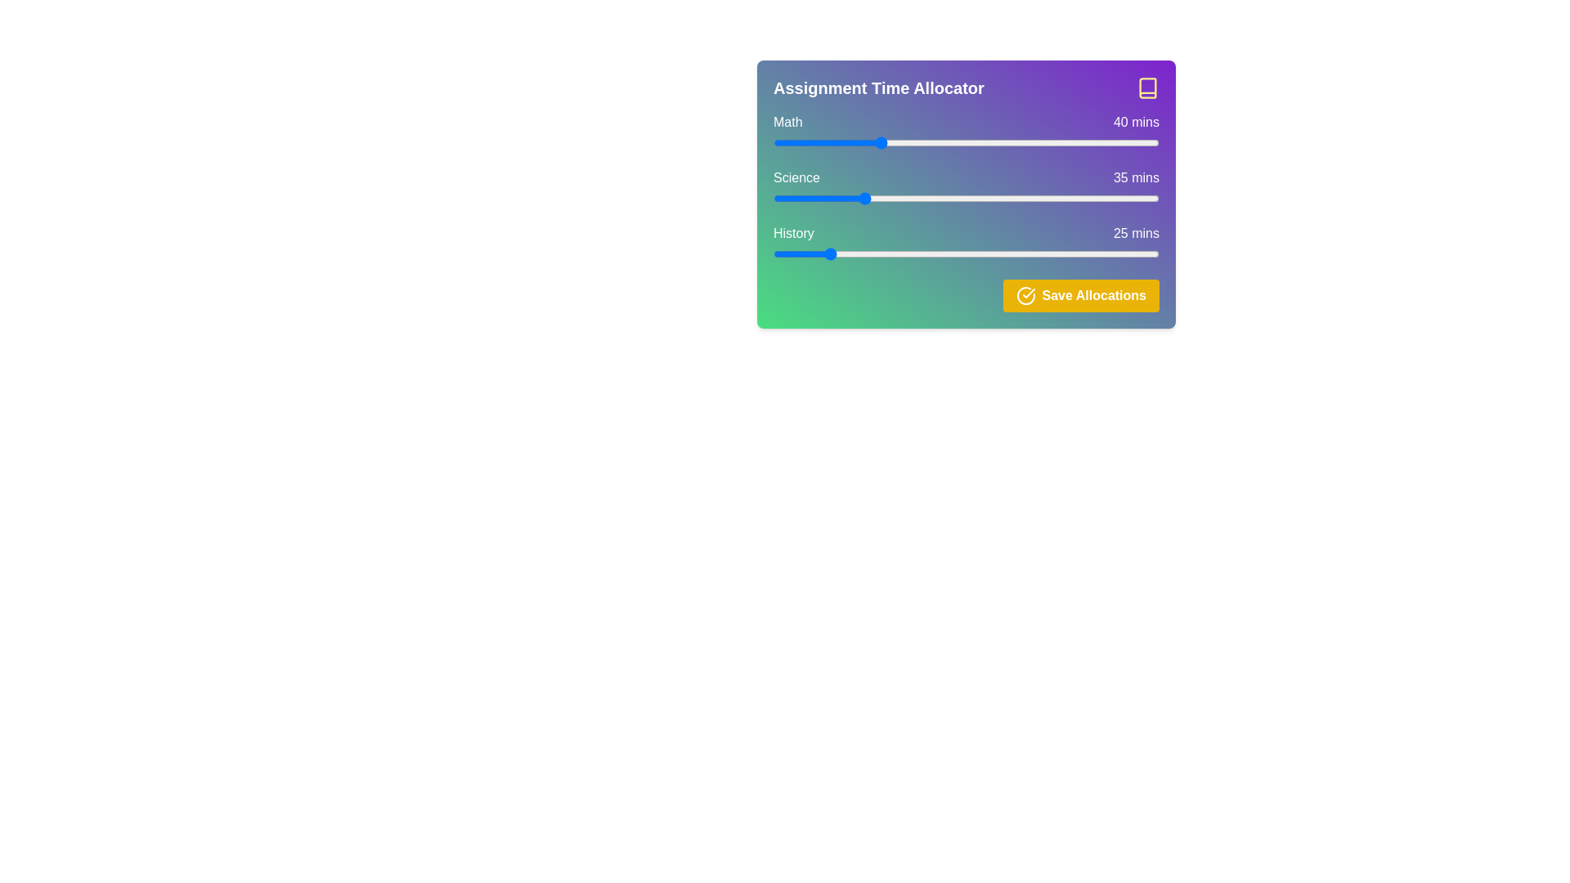  I want to click on allocation time, so click(997, 198).